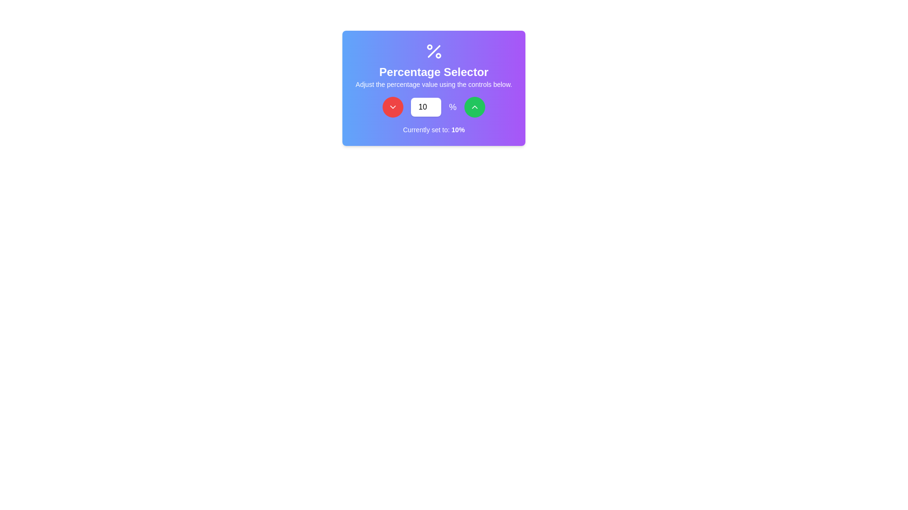 The width and height of the screenshot is (908, 510). I want to click on the Label that visually indicates the percentage value next to the numeric input box and to the left of the green button with an upward arrow, so click(452, 107).